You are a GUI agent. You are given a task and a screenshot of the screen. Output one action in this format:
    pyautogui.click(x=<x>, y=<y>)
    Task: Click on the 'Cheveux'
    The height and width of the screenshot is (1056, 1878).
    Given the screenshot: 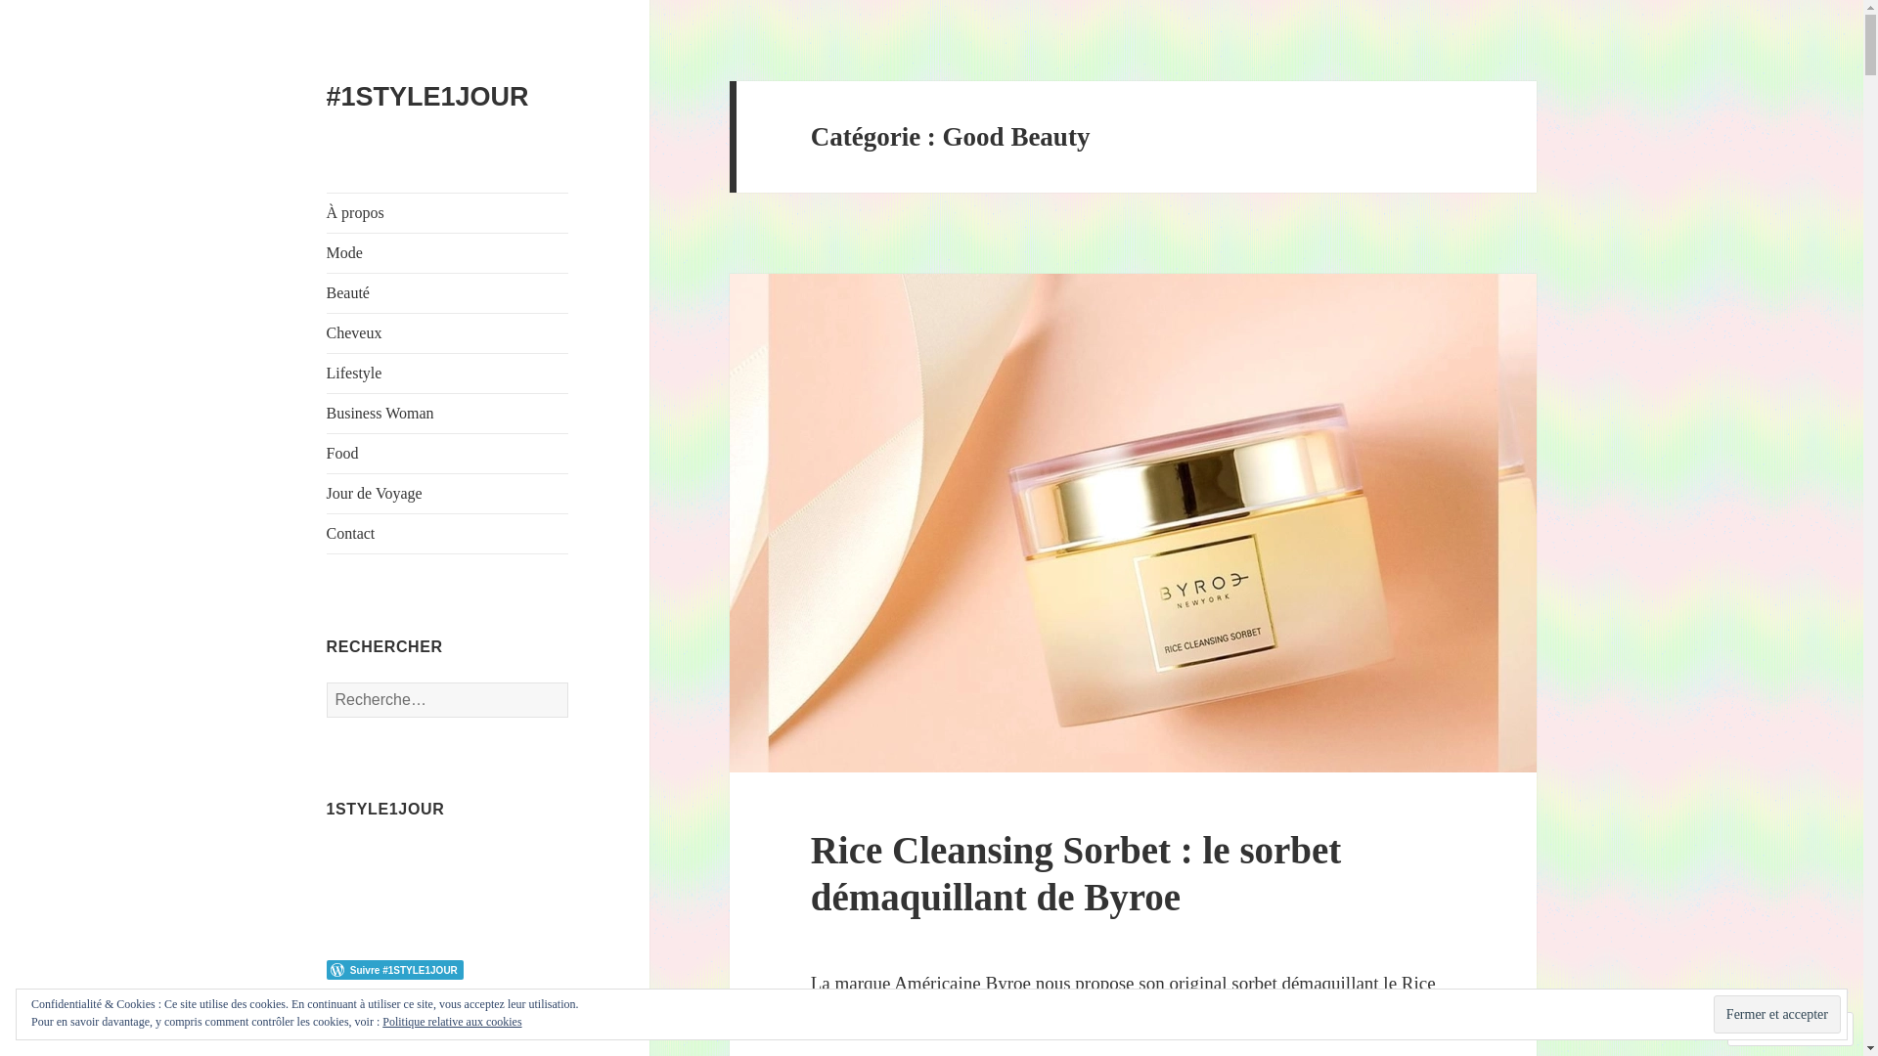 What is the action you would take?
    pyautogui.click(x=446, y=331)
    